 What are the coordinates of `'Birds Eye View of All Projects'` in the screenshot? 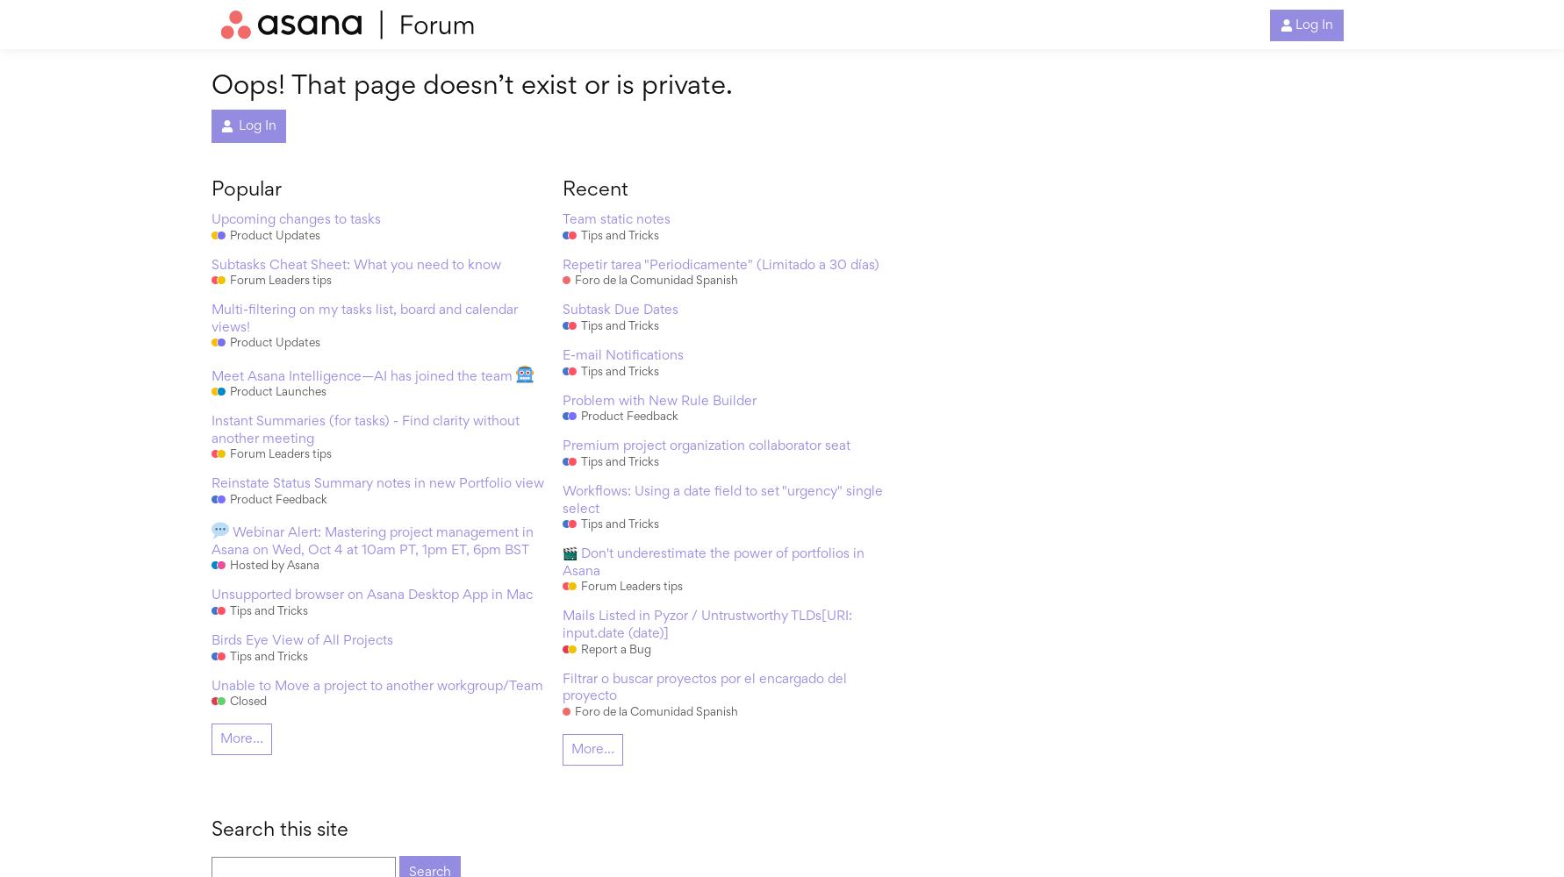 It's located at (211, 640).